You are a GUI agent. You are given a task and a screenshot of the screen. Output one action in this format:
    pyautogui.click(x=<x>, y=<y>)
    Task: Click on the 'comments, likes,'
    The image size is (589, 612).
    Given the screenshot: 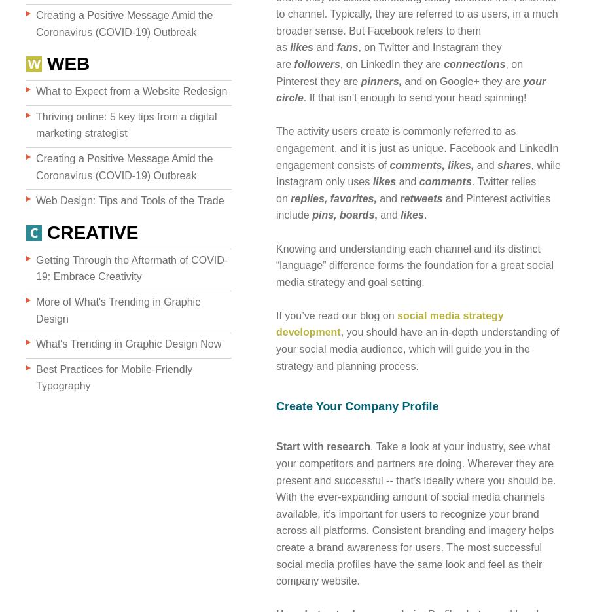 What is the action you would take?
    pyautogui.click(x=431, y=164)
    